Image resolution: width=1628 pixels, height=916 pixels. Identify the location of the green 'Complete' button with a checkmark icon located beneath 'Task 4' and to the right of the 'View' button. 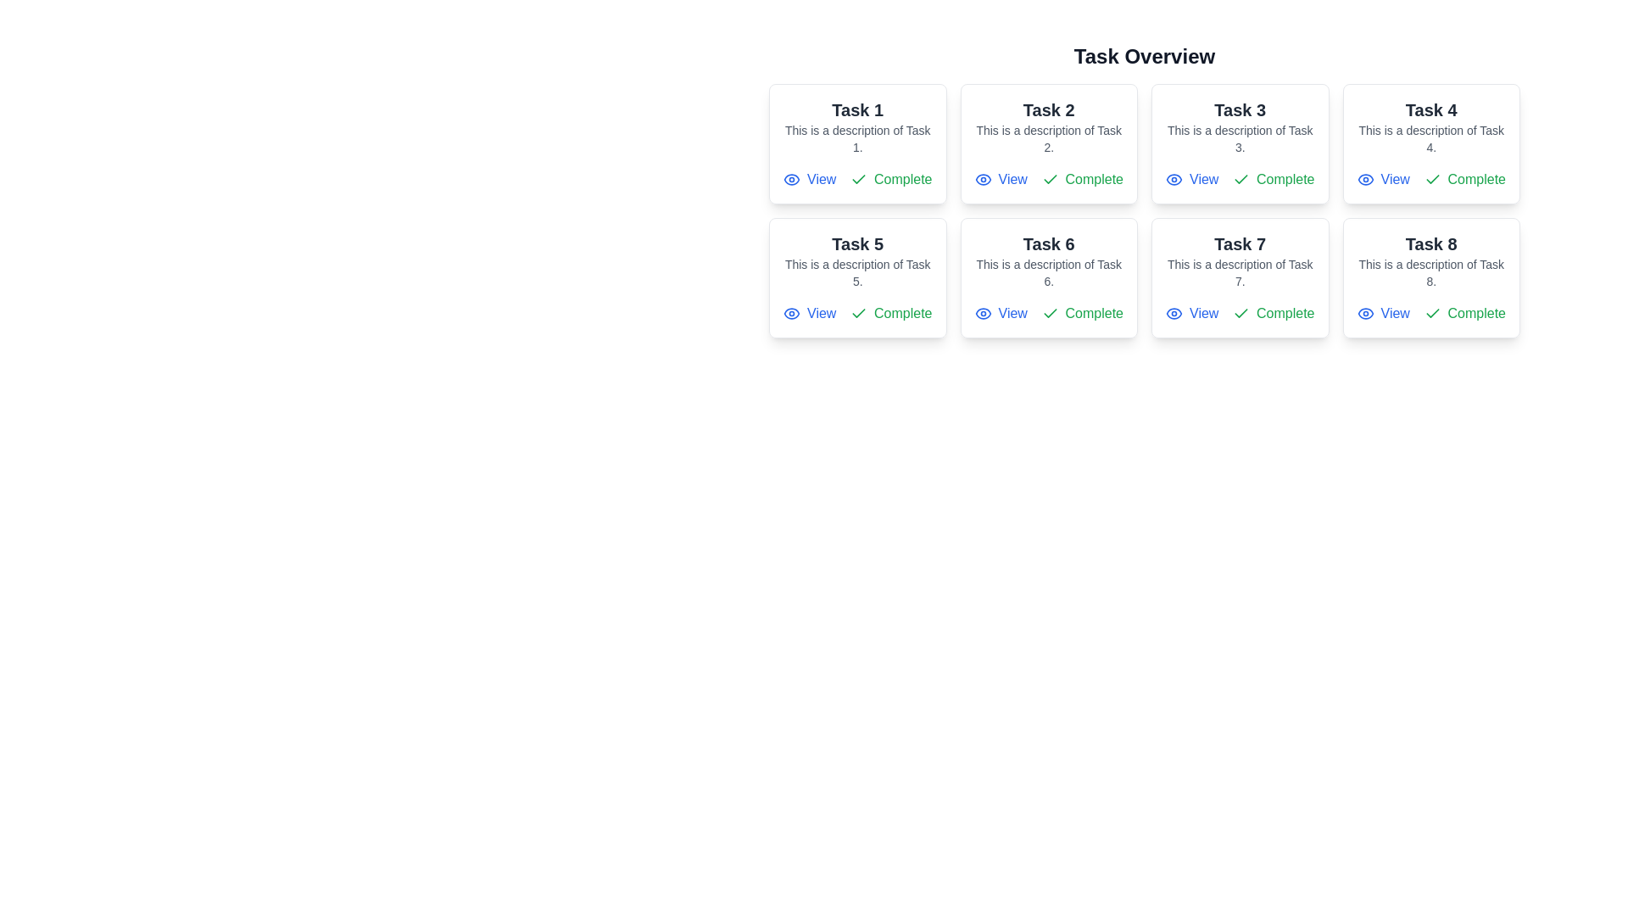
(1464, 180).